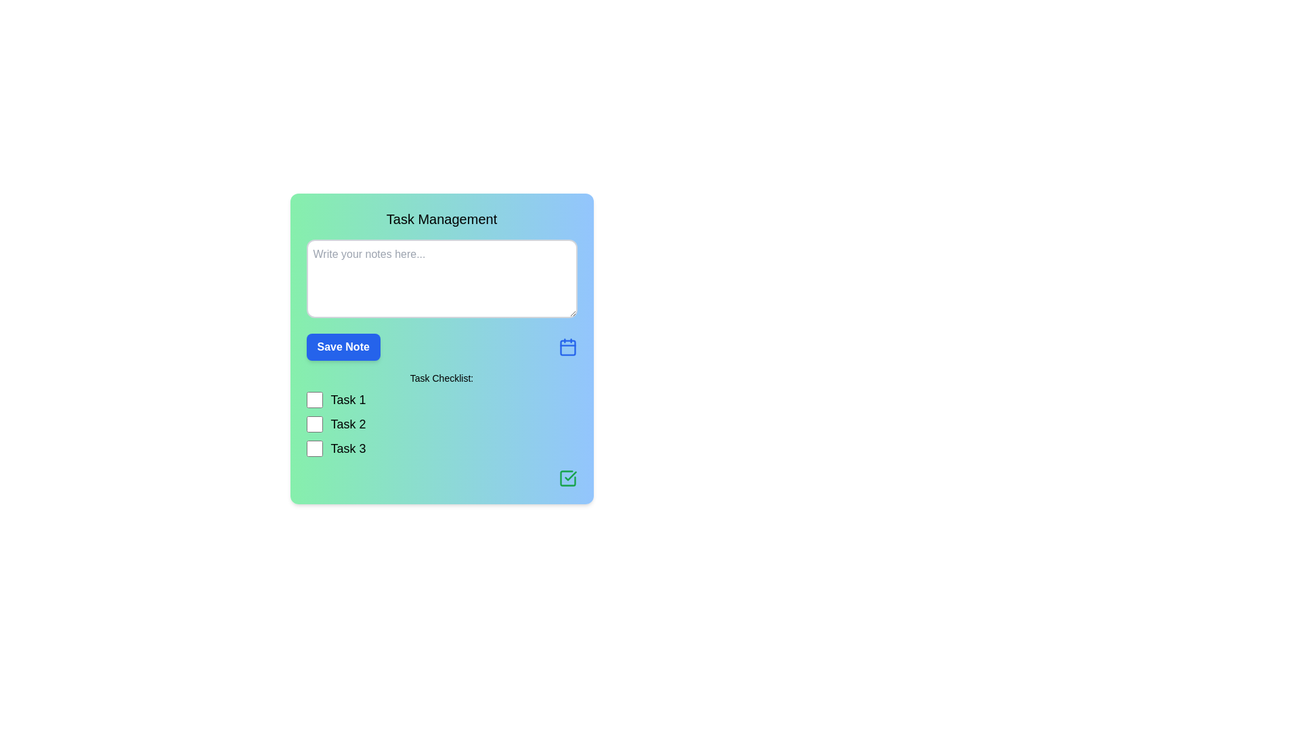  What do you see at coordinates (567, 347) in the screenshot?
I see `the rounded rectangle within the blue calendar icon, which is positioned near the top right of the interface above the 'Task Checklist.'` at bounding box center [567, 347].